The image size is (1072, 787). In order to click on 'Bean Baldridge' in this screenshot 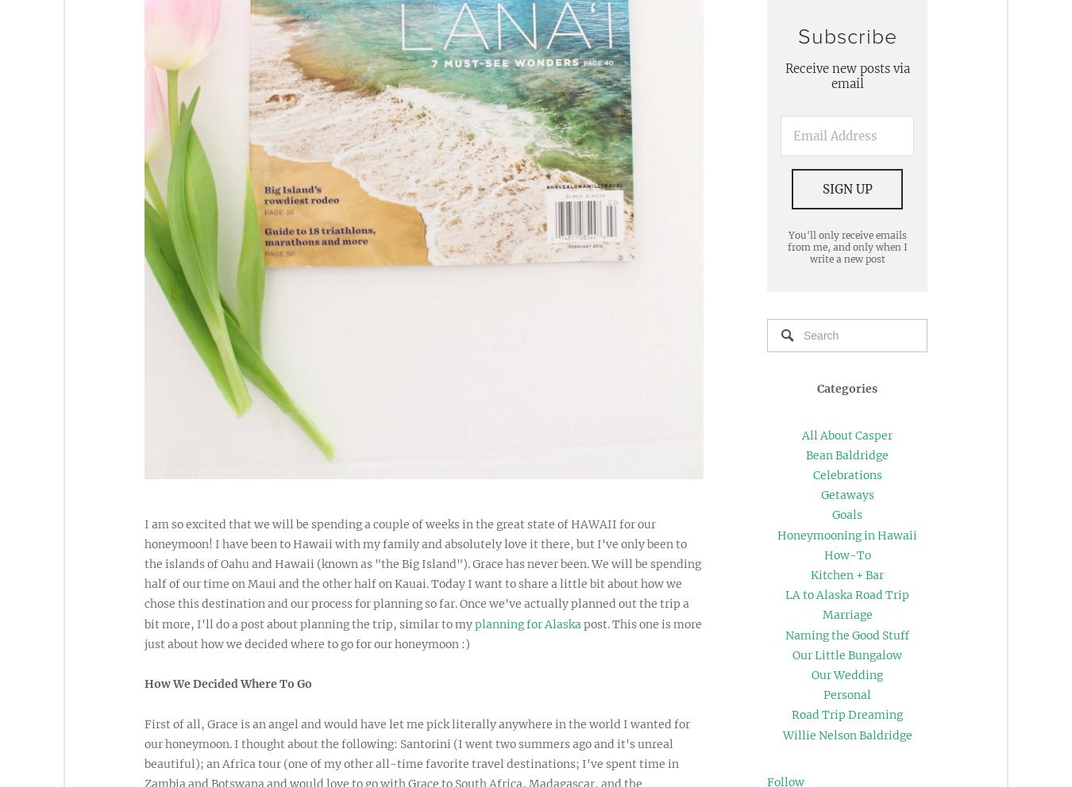, I will do `click(806, 454)`.